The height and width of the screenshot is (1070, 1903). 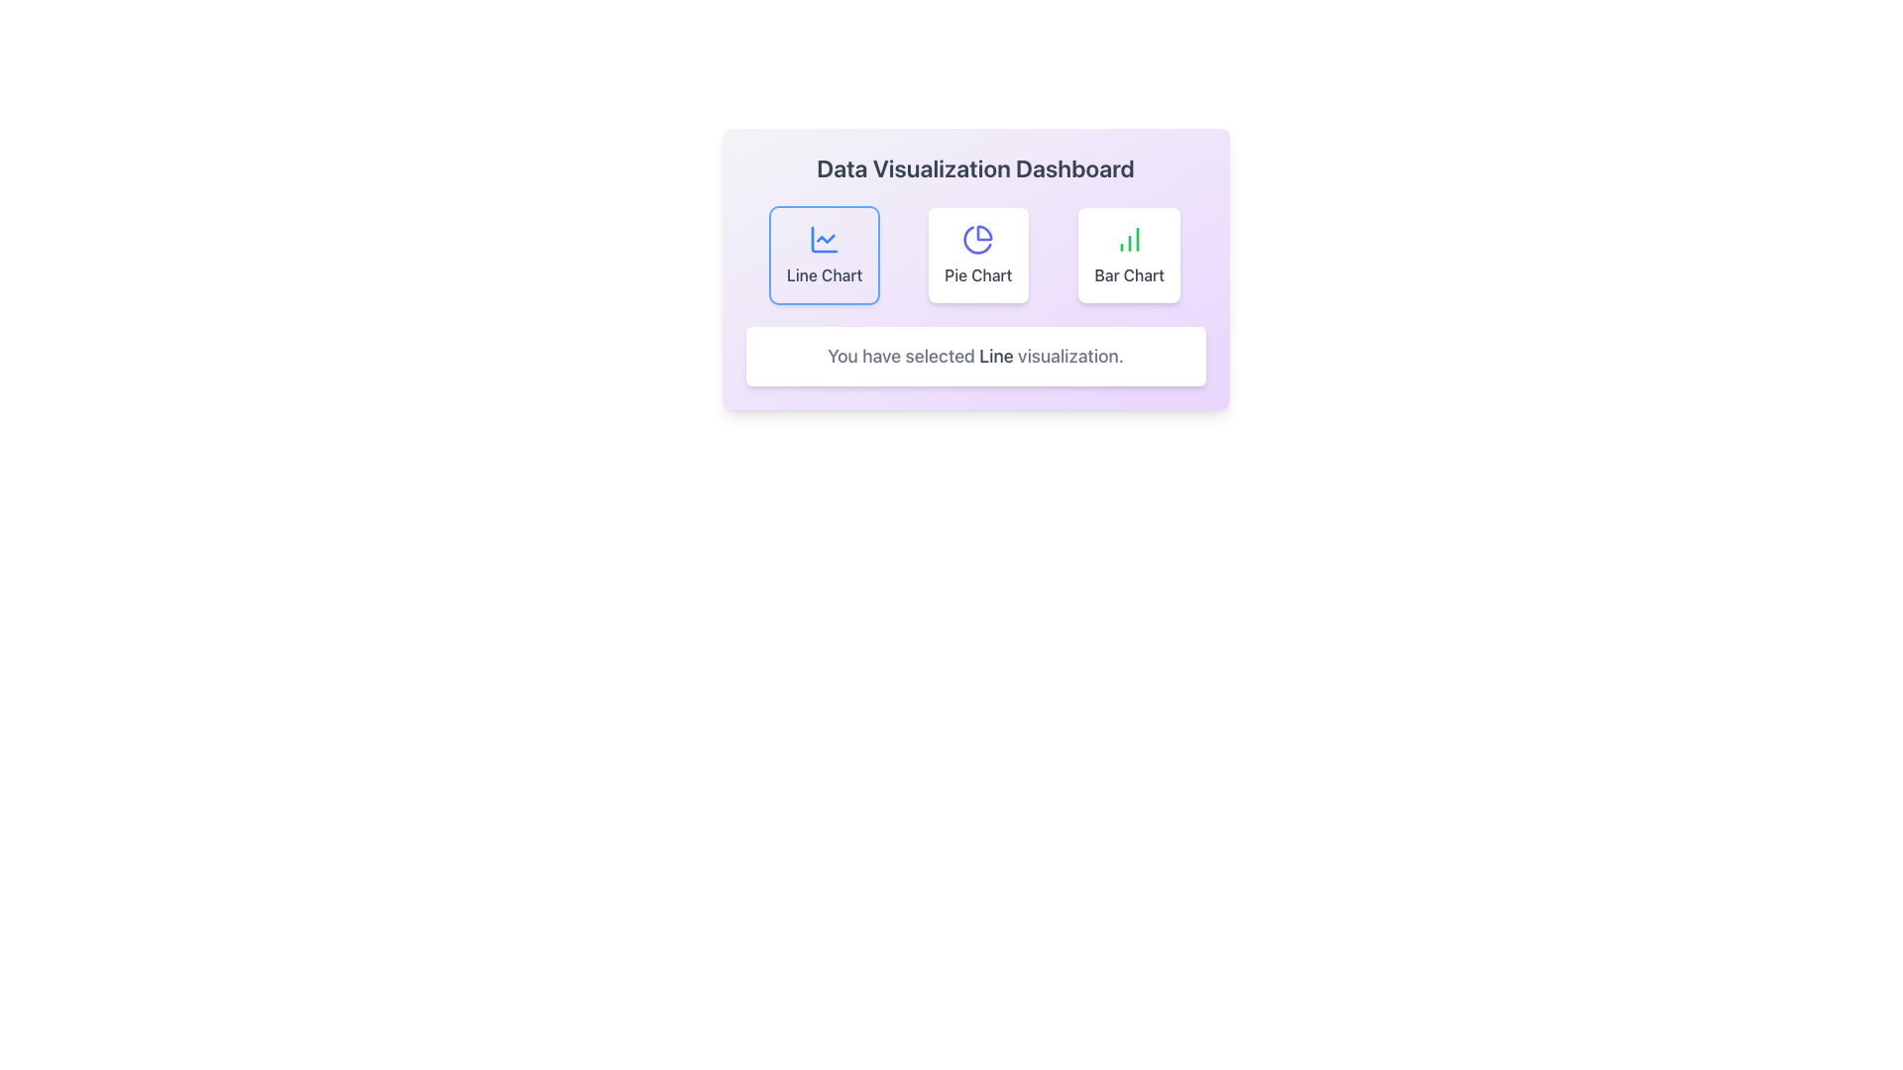 I want to click on the 'Bar Chart' icon located in the center of the third card from the left in the row of chart options in the 'Data Visualization Dashboard', so click(x=1129, y=239).